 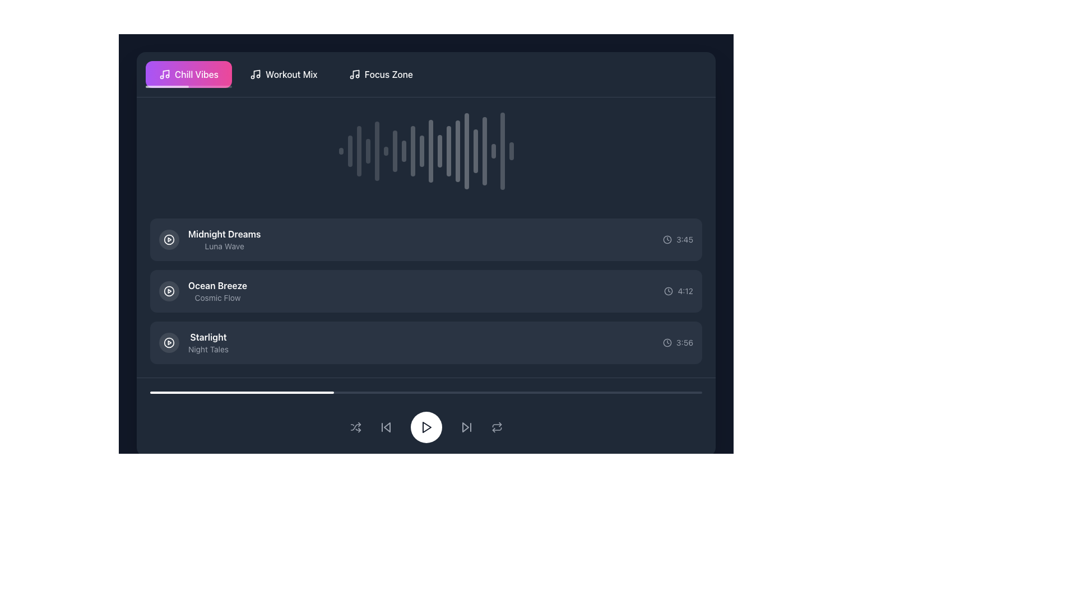 I want to click on the 16th vertical bar of the audio waveform representation, which visually indicates a segment of the audio signal amplitude, so click(x=475, y=151).